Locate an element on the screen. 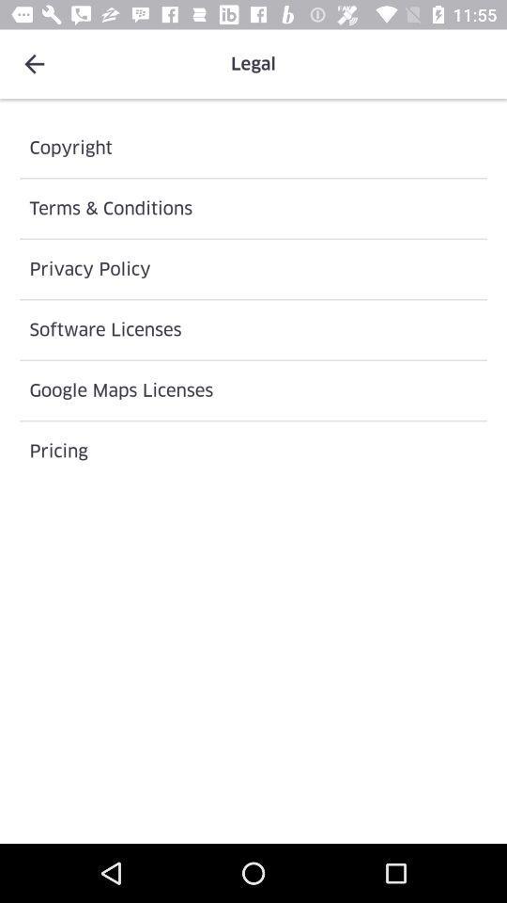 The height and width of the screenshot is (903, 507). google maps licenses icon is located at coordinates (253, 389).